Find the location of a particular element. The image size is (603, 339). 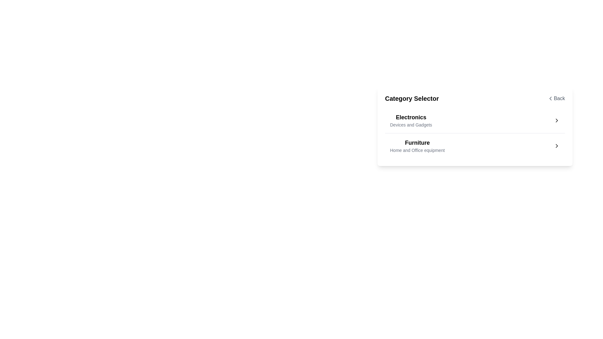

the chevron icon located in the far-right part of the 'Furniture' row in the 'Category Selector' panel is located at coordinates (557, 146).